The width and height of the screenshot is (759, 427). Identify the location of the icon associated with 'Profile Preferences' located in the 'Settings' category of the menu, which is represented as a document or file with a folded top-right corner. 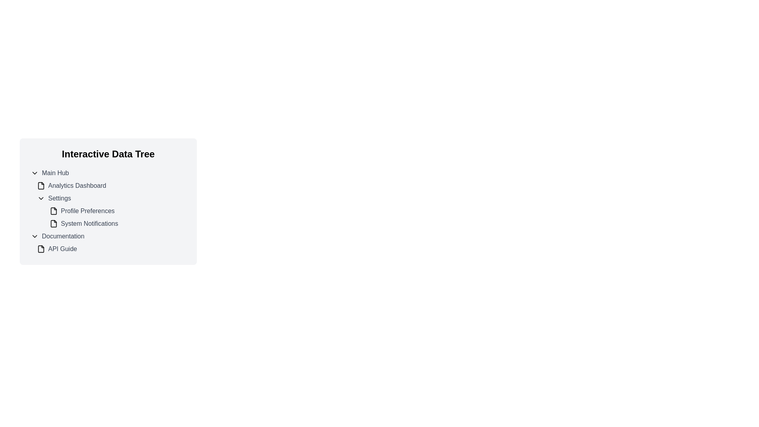
(53, 210).